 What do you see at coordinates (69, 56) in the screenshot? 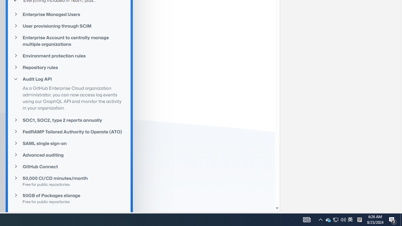
I see `'Environment protection rules'` at bounding box center [69, 56].